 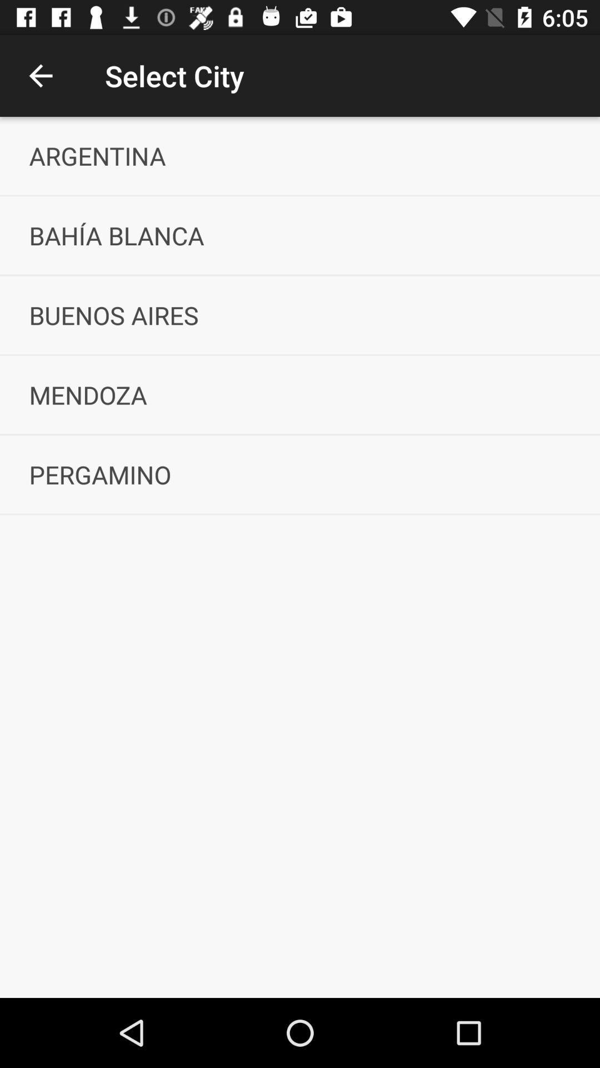 I want to click on mendoza, so click(x=300, y=394).